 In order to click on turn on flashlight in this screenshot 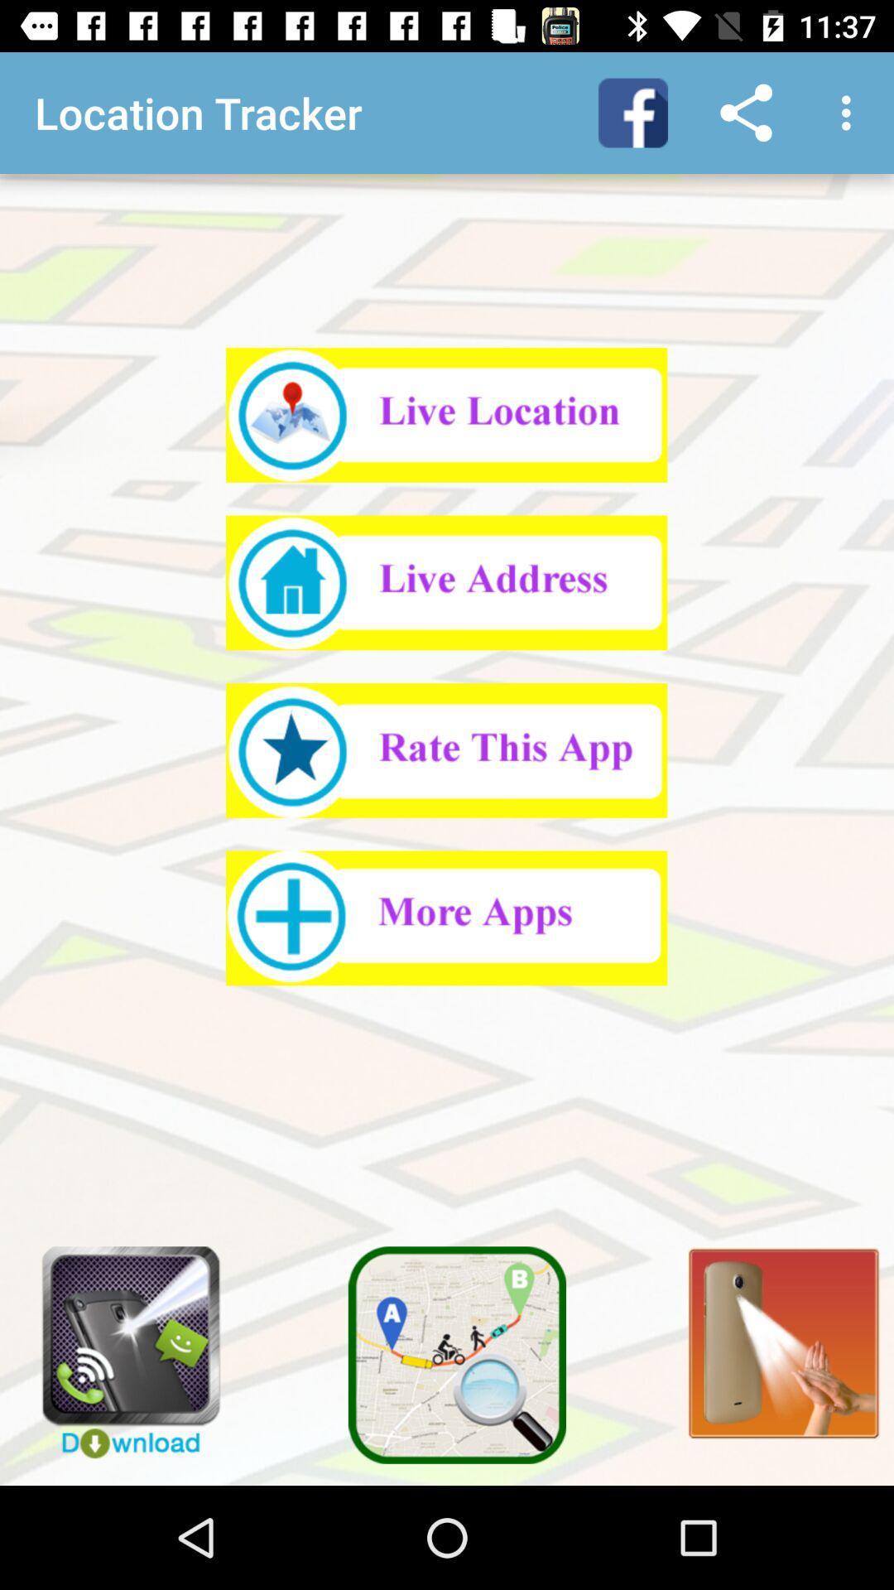, I will do `click(774, 1333)`.